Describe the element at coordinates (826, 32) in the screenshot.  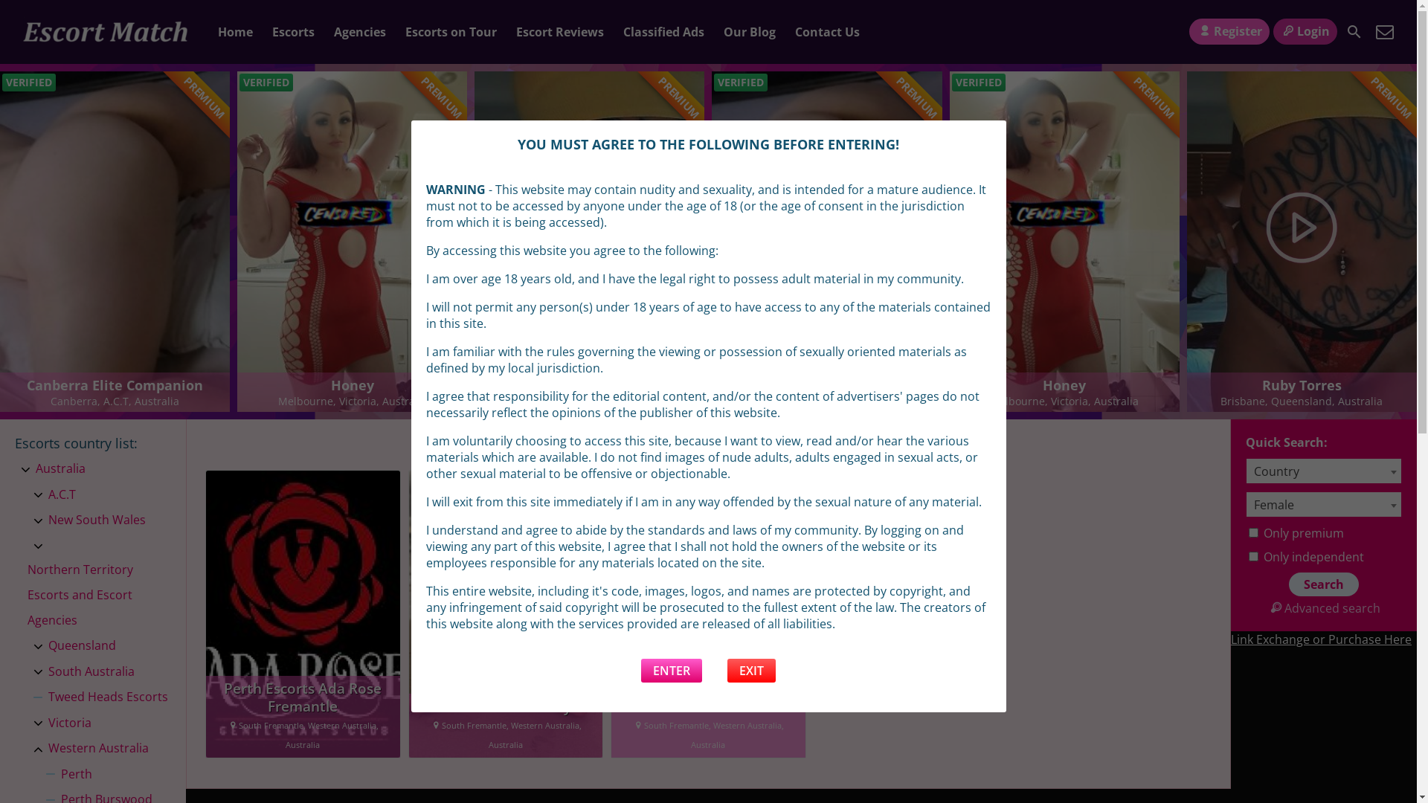
I see `'Contact Us'` at that location.